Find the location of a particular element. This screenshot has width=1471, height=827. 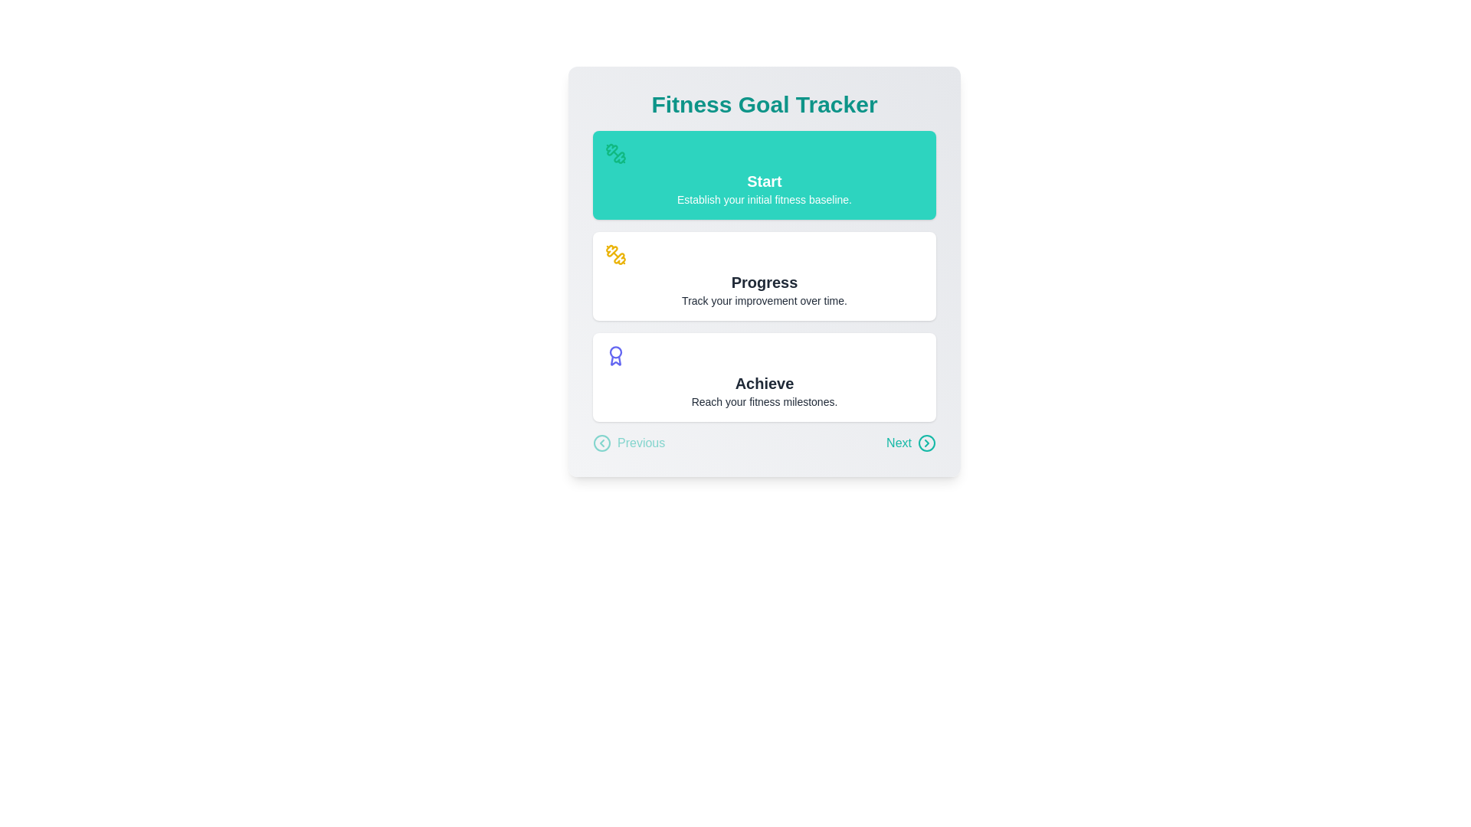

the informational card with a teal background, featuring a bold 'Start' text and a weights icon, which is the top card in the Fitness Goal Tracker section is located at coordinates (765, 174).